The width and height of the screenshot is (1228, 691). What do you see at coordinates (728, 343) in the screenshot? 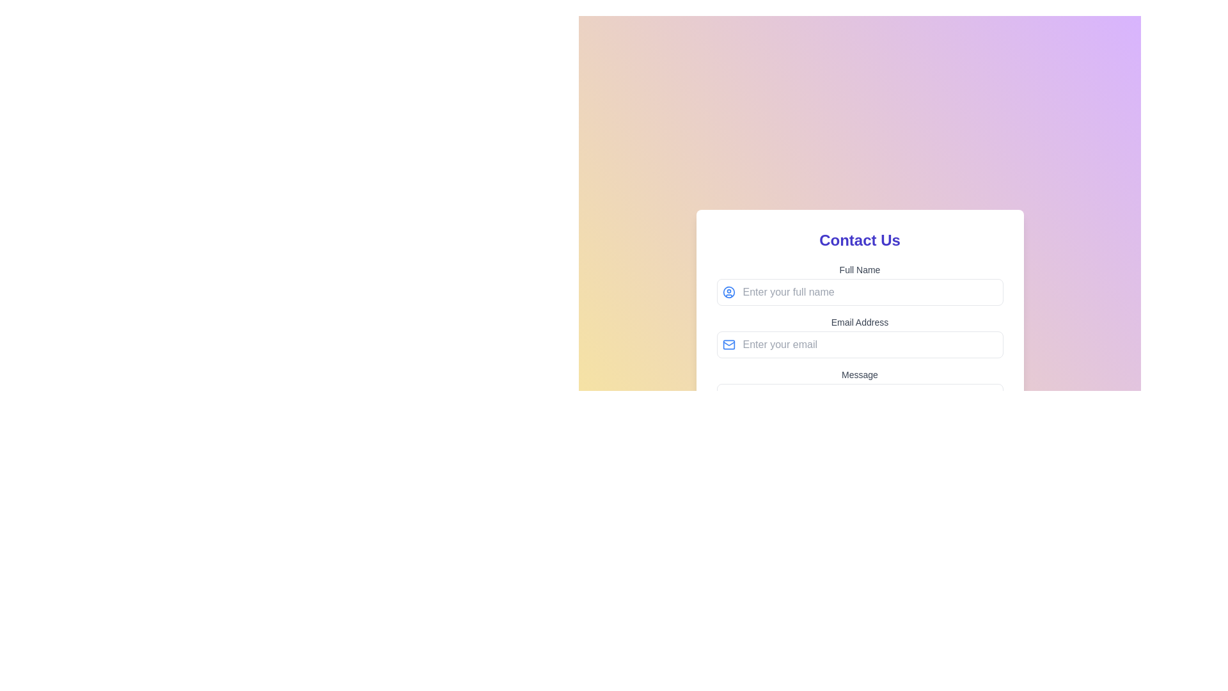
I see `the triangular flap of the envelope icon, which is the second element in the SVG group representing a mail icon, located near the email address input field in the contact form interface` at bounding box center [728, 343].